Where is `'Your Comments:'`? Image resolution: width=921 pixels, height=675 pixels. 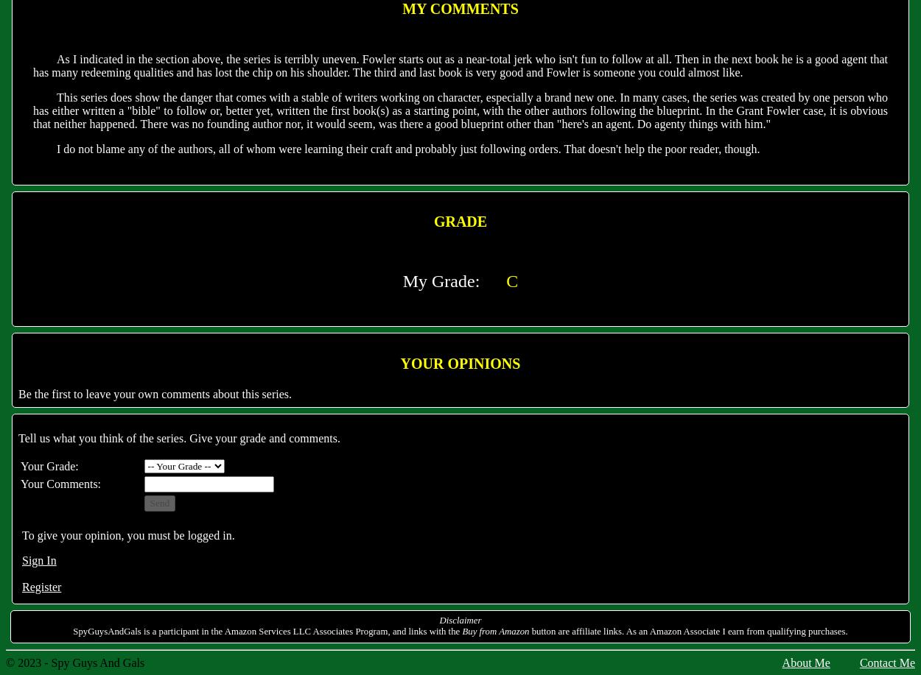 'Your Comments:' is located at coordinates (21, 484).